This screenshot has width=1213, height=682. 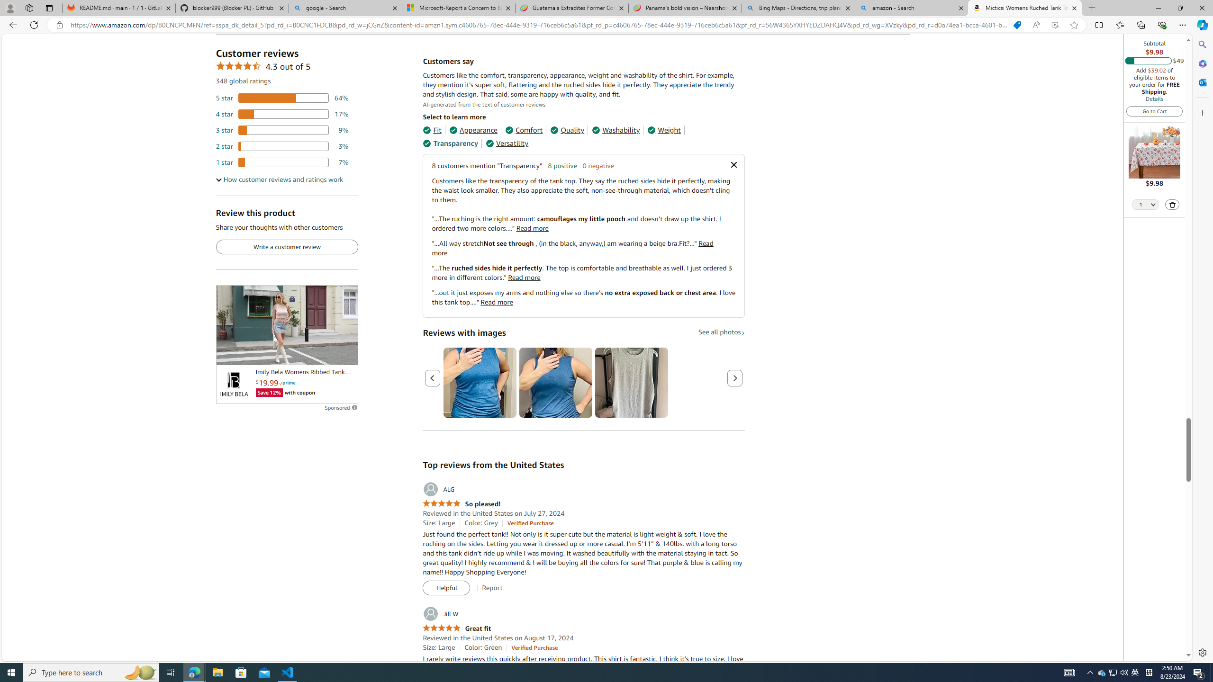 I want to click on 'amazon - Search', so click(x=912, y=8).